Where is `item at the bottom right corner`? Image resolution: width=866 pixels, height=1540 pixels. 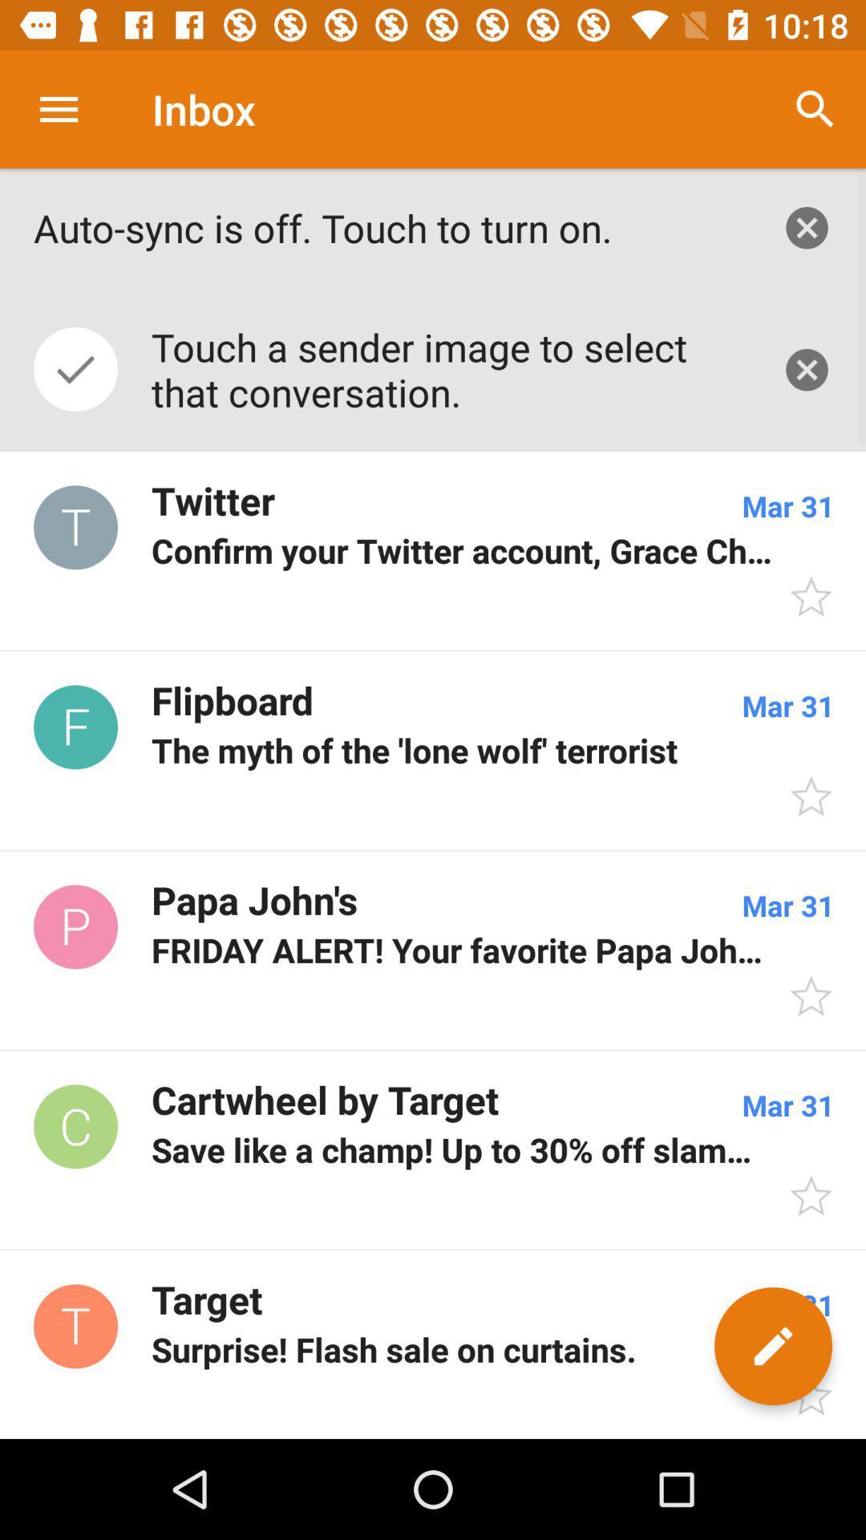
item at the bottom right corner is located at coordinates (772, 1346).